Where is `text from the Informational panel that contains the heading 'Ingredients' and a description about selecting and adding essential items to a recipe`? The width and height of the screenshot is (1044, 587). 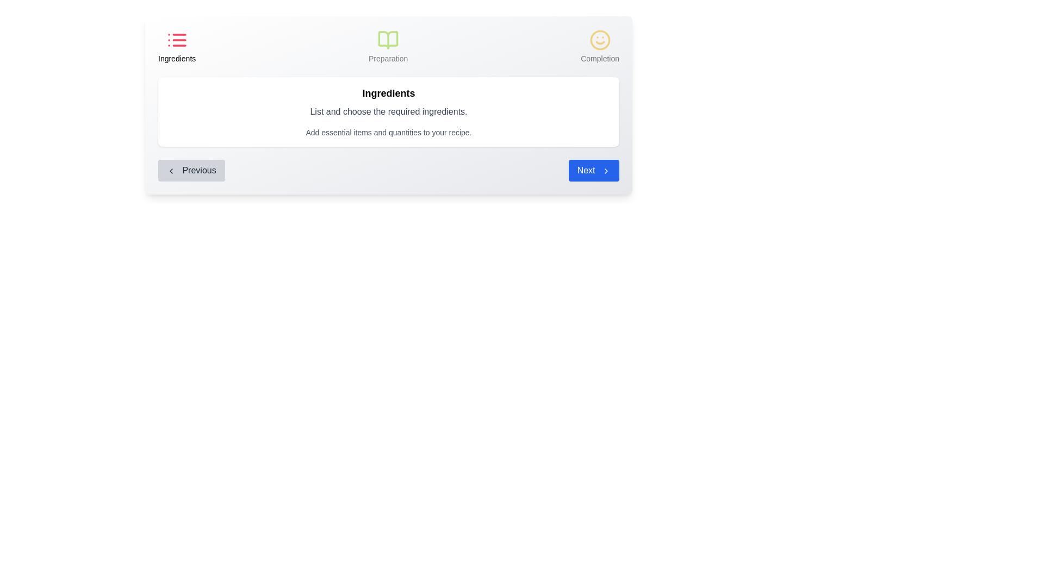
text from the Informational panel that contains the heading 'Ingredients' and a description about selecting and adding essential items to a recipe is located at coordinates (389, 105).